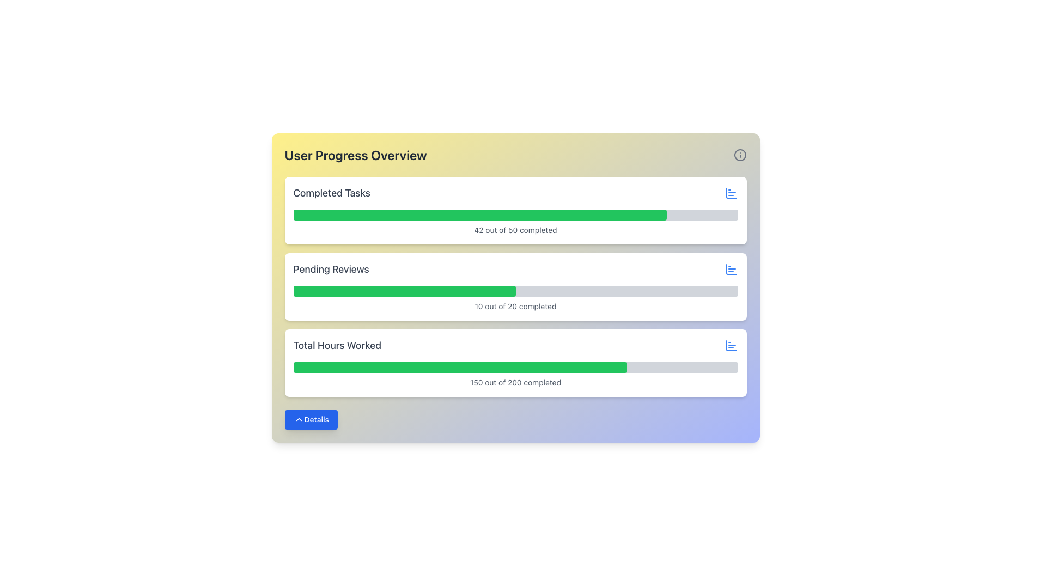  I want to click on the informational text label that summarizes the status of completed tasks out of the total tasks, located below the green progress bar, so click(515, 230).